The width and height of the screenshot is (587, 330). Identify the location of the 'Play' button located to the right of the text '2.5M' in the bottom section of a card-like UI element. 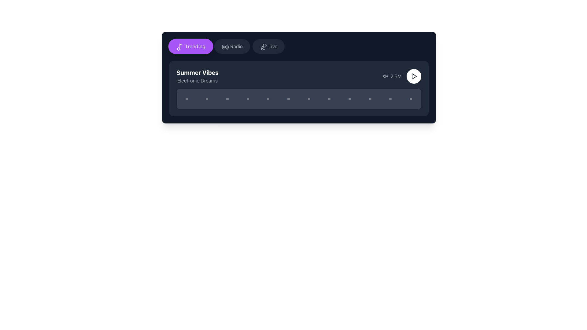
(414, 76).